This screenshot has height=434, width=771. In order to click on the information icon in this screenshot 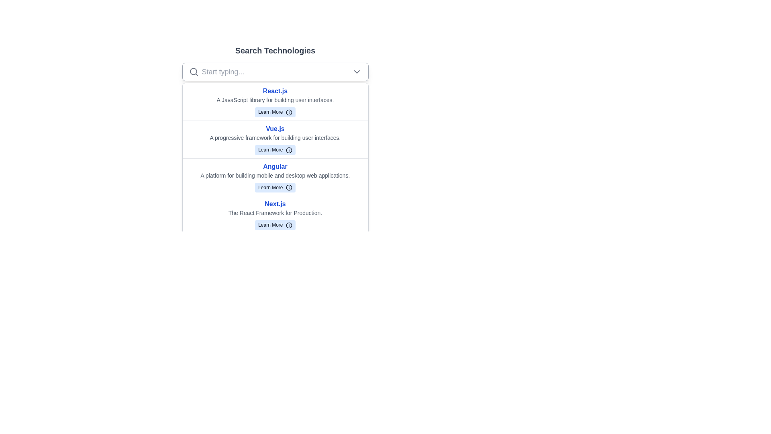, I will do `click(289, 150)`.